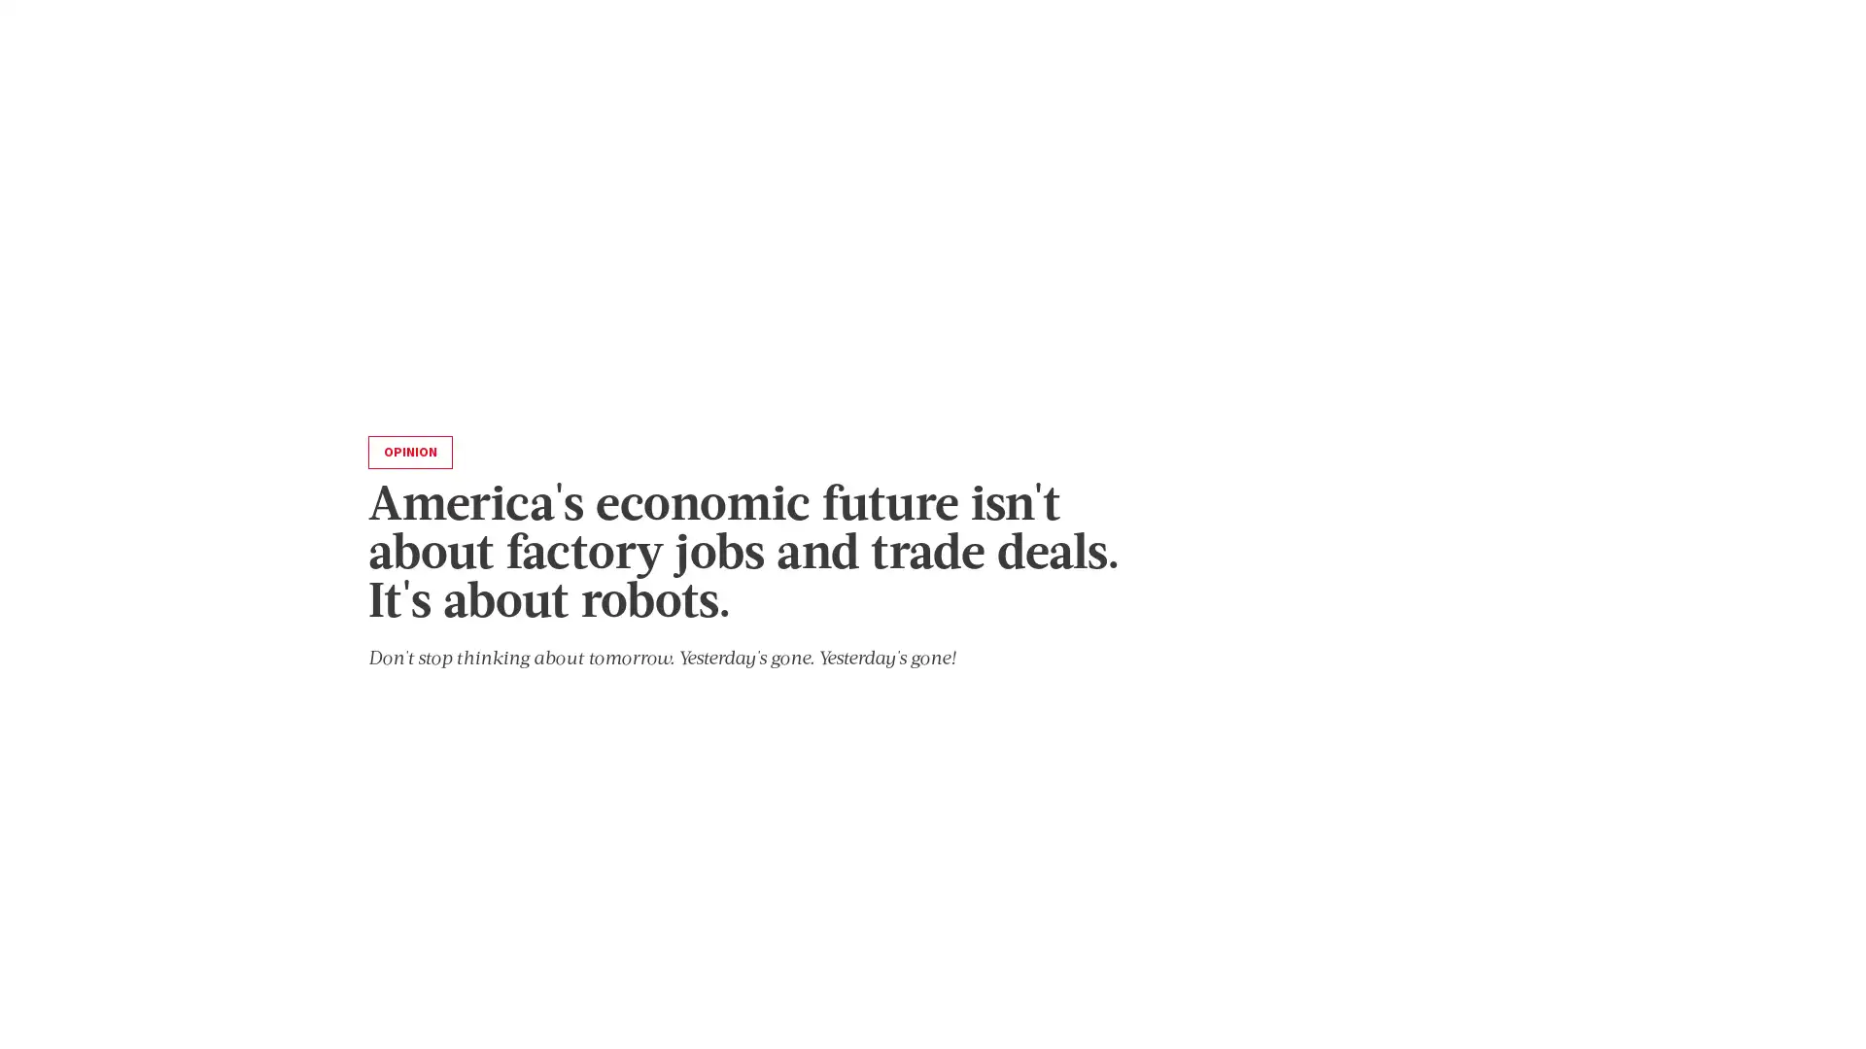 The height and width of the screenshot is (1049, 1866). Describe the element at coordinates (1469, 110) in the screenshot. I see `Search` at that location.